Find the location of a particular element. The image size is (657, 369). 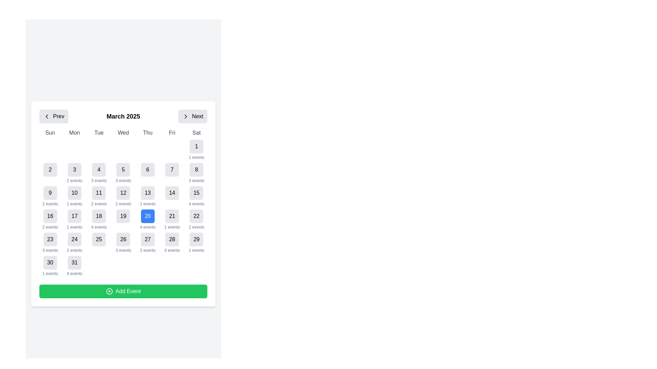

the informative text label displaying '2 events' that is styled in a small gray font, located below the button with '12' in the calendar interface is located at coordinates (123, 204).